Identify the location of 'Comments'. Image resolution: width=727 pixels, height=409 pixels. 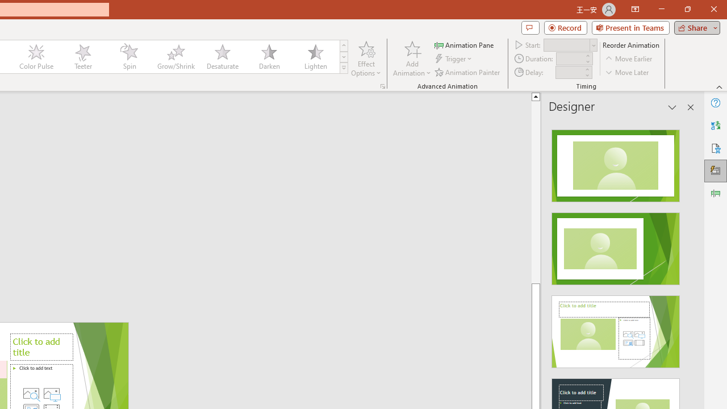
(529, 27).